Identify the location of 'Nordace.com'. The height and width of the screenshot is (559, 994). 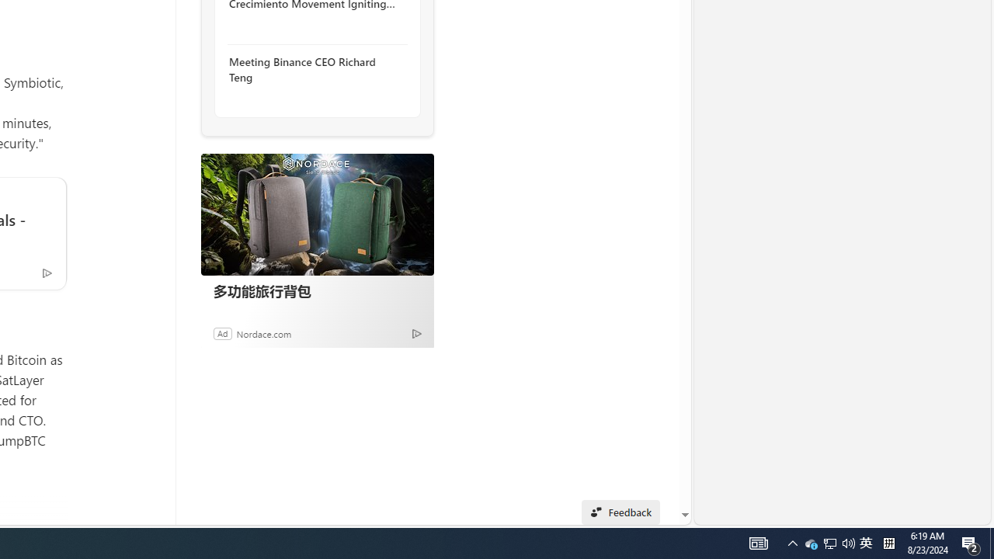
(263, 332).